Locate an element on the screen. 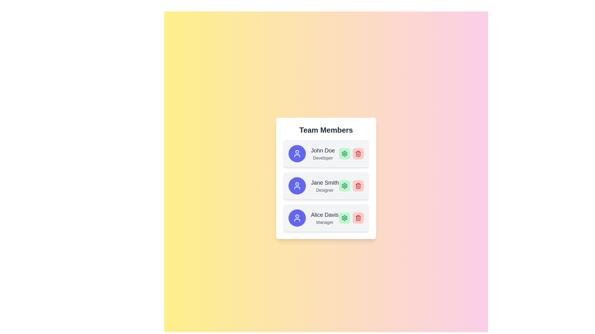 Image resolution: width=595 pixels, height=334 pixels. the text label displaying 'John Doe', which is styled in a bold, dark font and larger than the text 'Developer', located at the top-center of a card-like layout is located at coordinates (322, 150).